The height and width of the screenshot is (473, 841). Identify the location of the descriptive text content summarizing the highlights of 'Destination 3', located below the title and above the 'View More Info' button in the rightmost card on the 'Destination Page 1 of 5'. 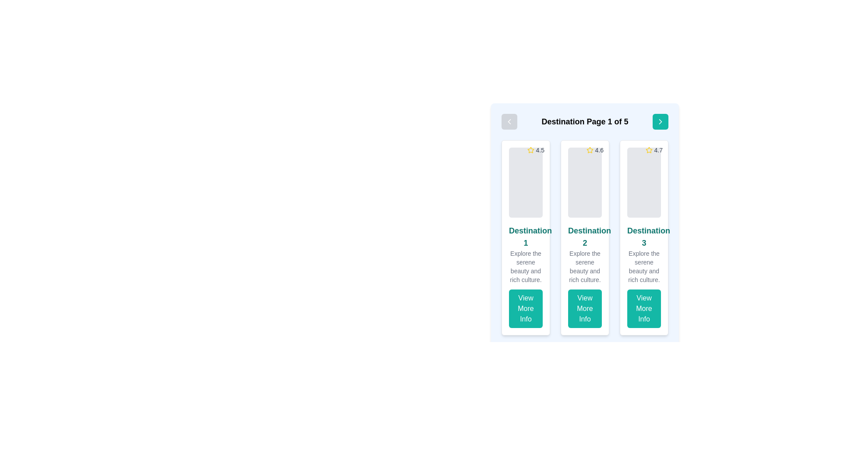
(644, 266).